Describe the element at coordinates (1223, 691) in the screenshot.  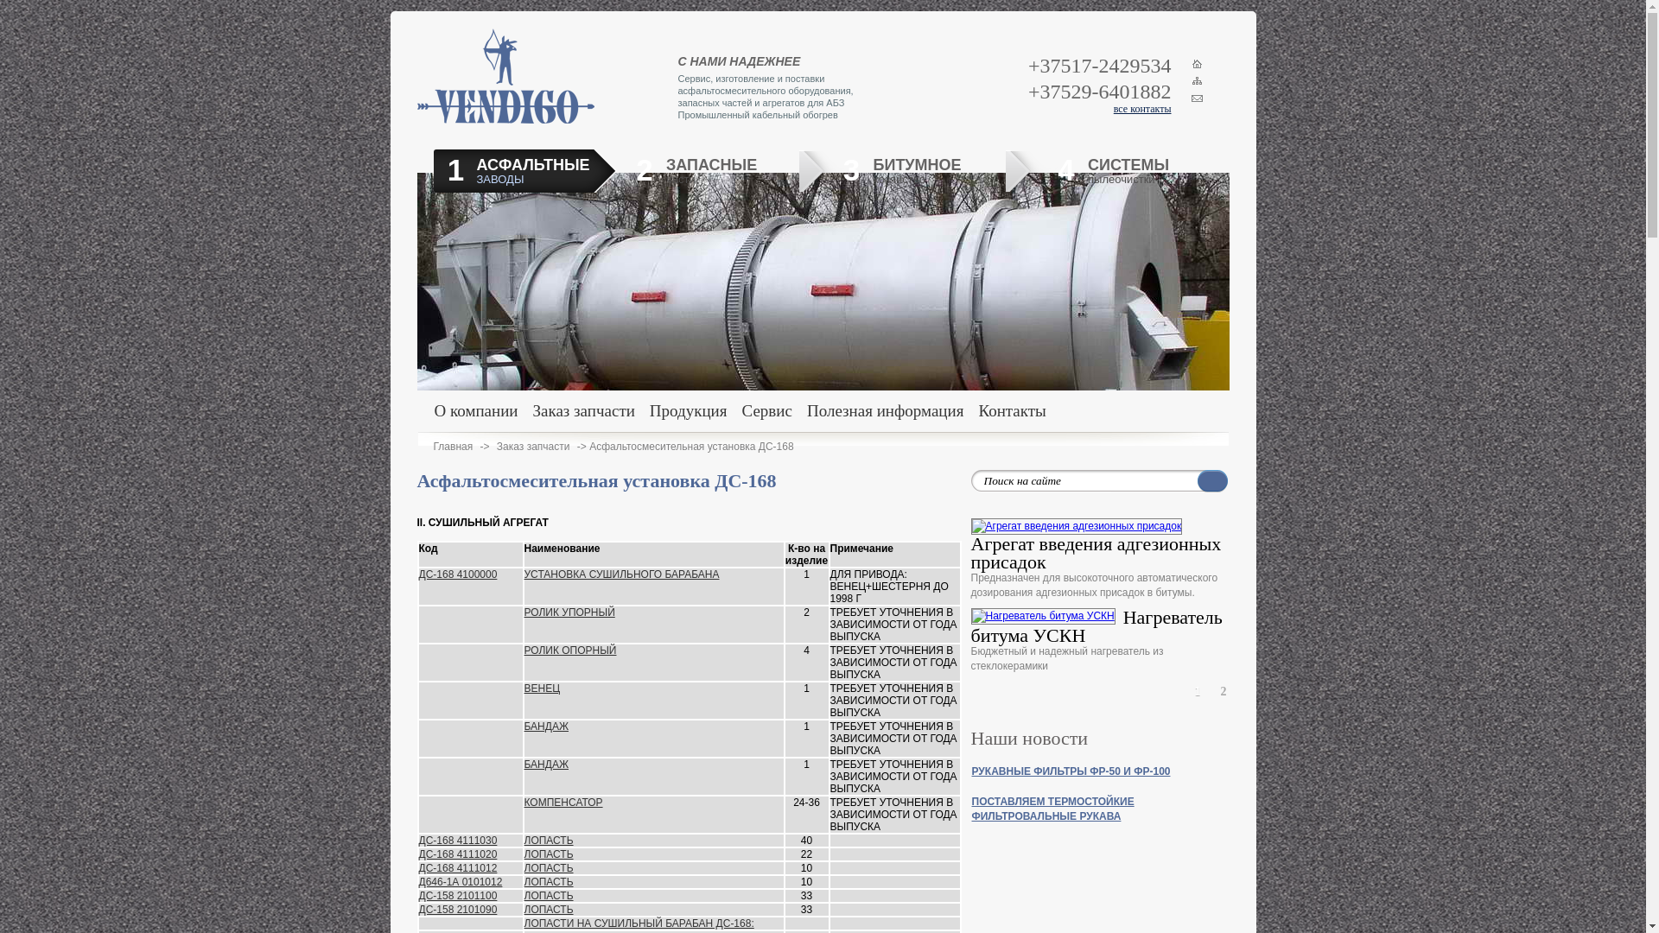
I see `'2'` at that location.